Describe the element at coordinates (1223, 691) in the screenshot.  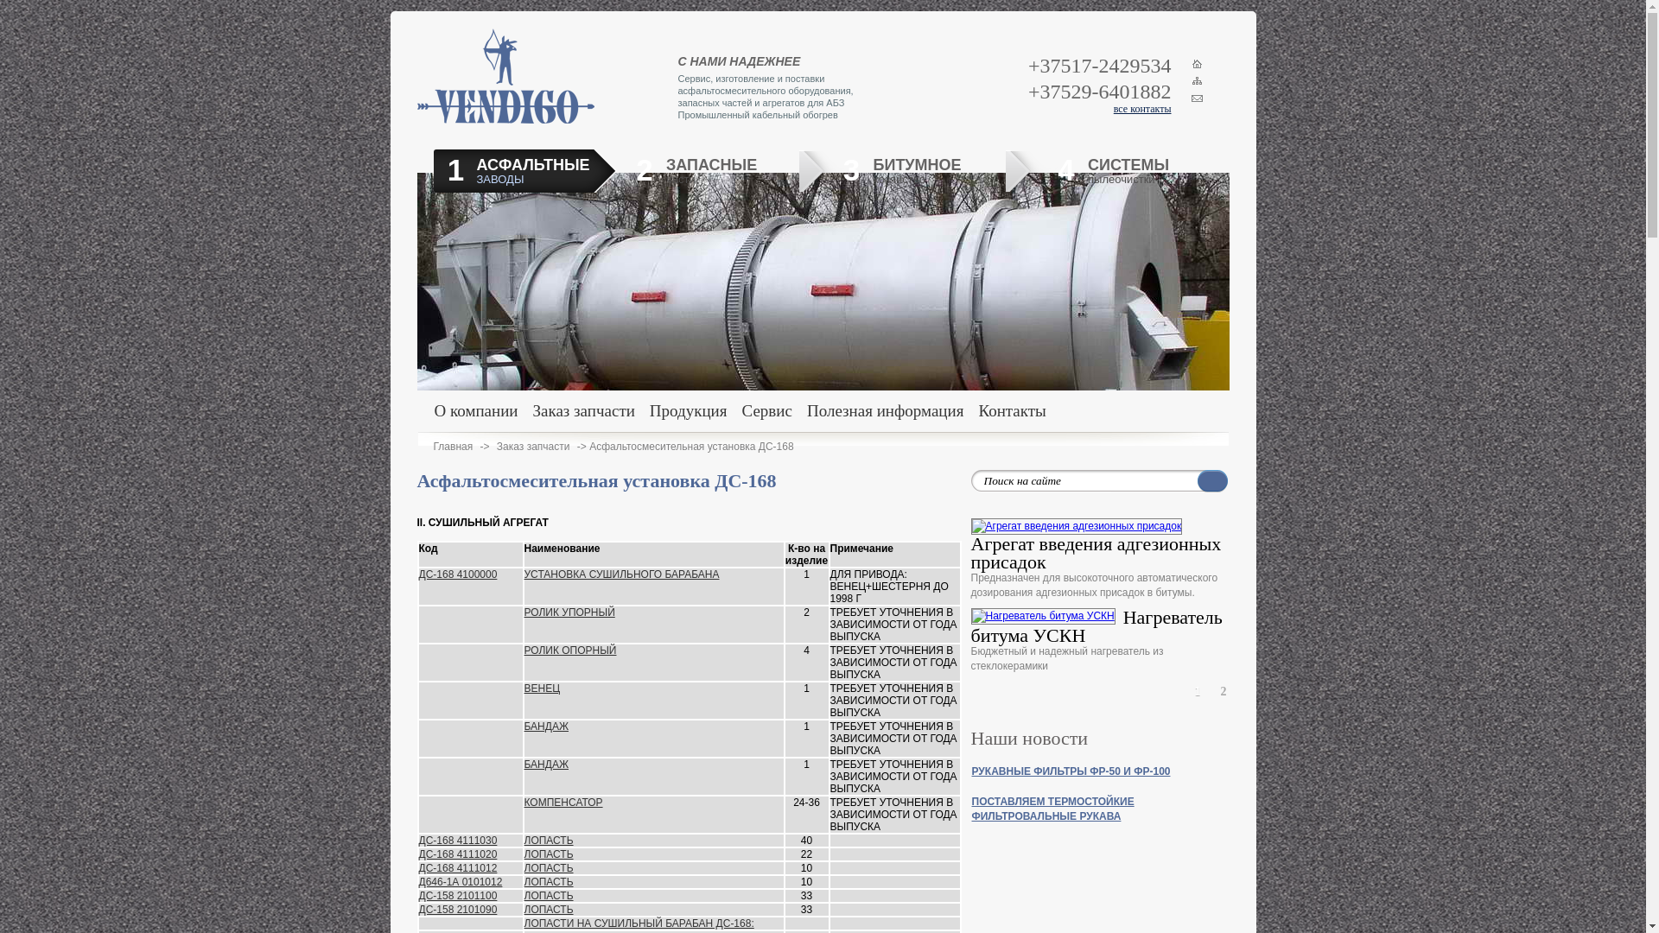
I see `'2'` at that location.